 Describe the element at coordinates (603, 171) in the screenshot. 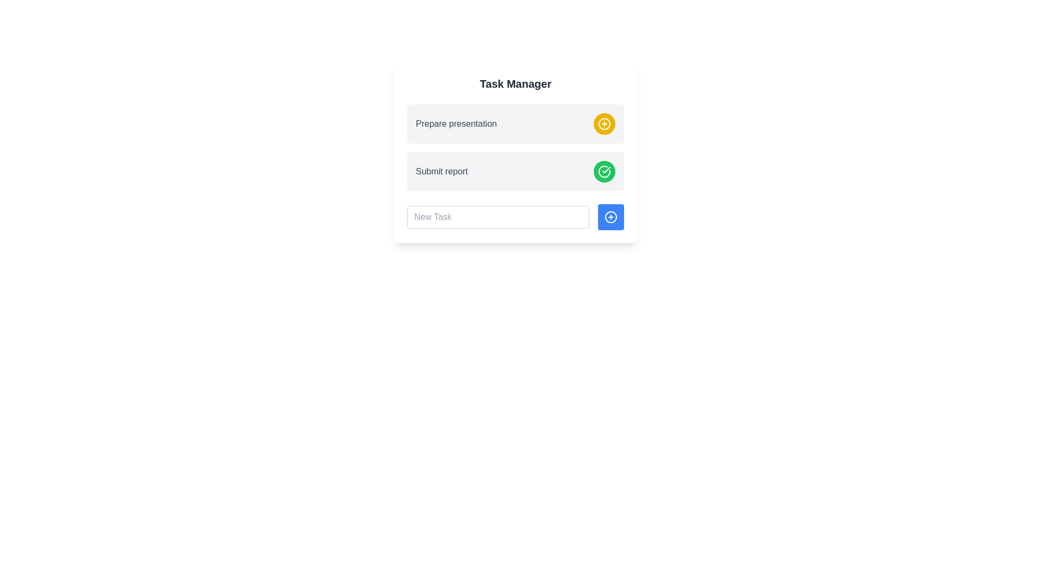

I see `the circular green button with a white checkmark icon located in the bottom right corner of the 'Submit report' section` at that location.